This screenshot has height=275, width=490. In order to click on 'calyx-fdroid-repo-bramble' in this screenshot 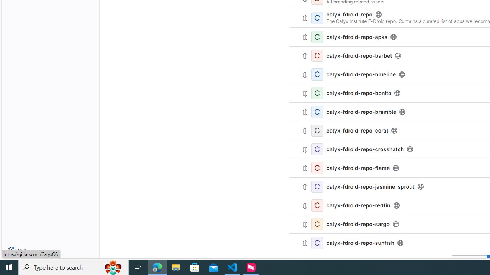, I will do `click(361, 112)`.